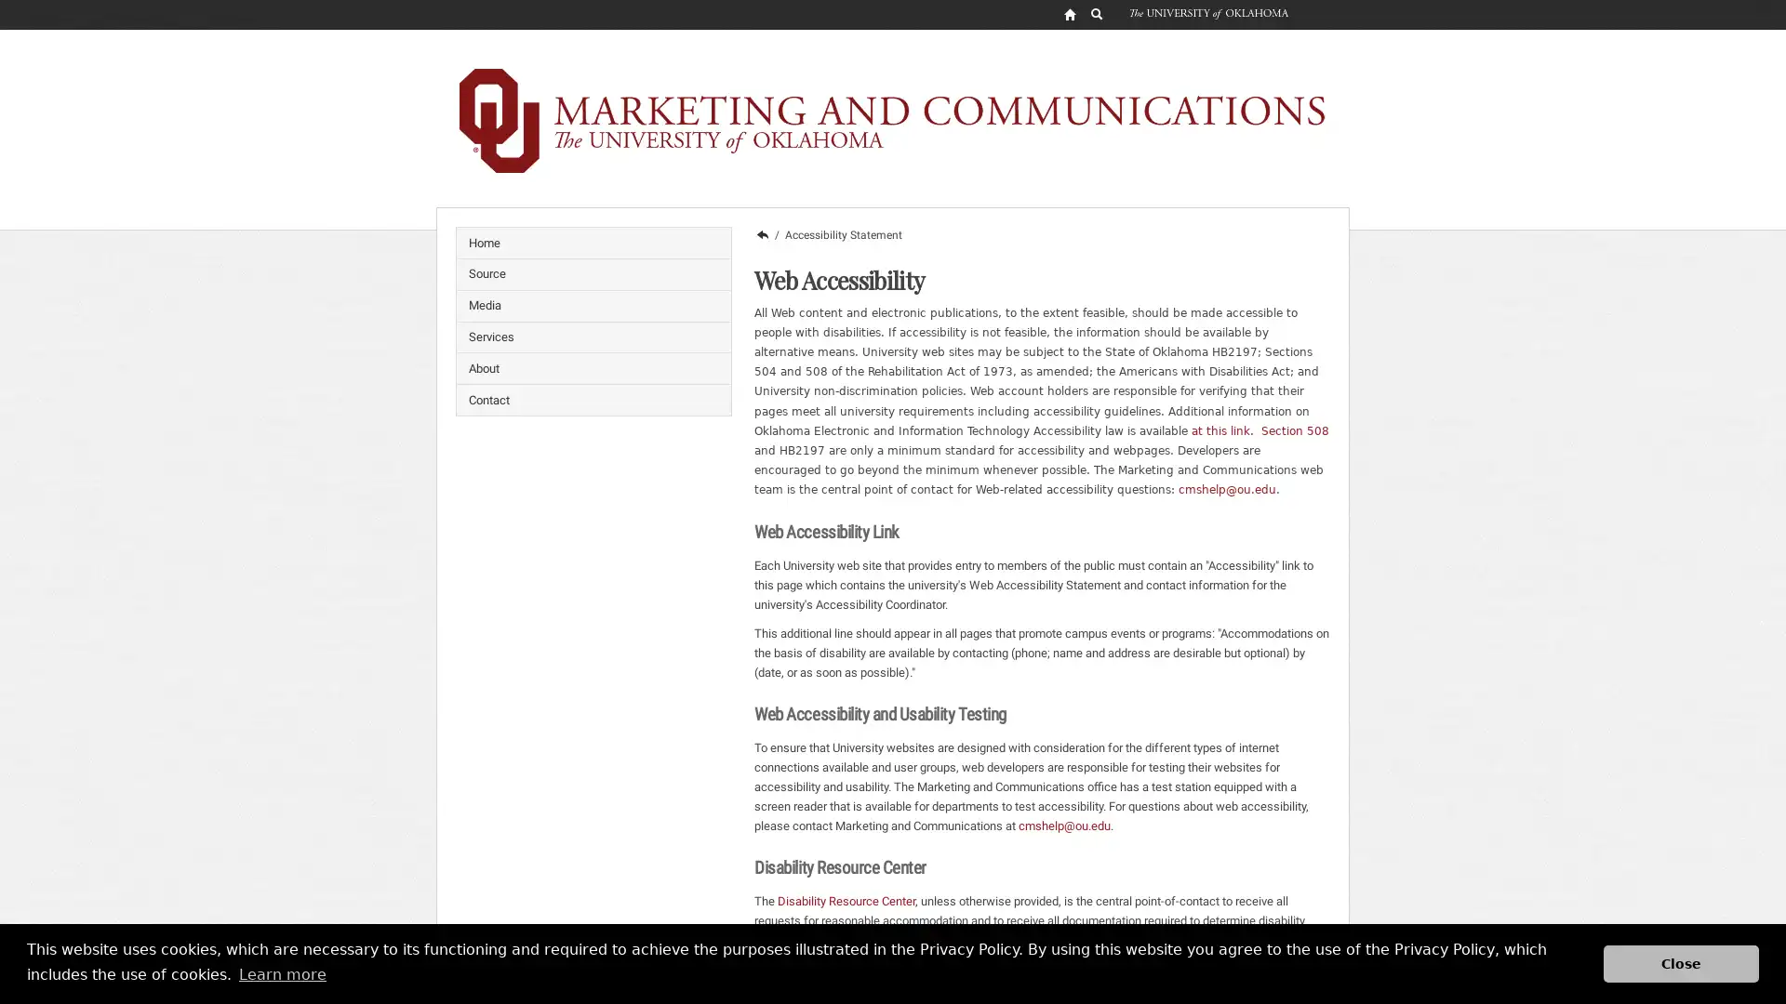 The image size is (1786, 1004). I want to click on dismiss cookie message, so click(1681, 962).